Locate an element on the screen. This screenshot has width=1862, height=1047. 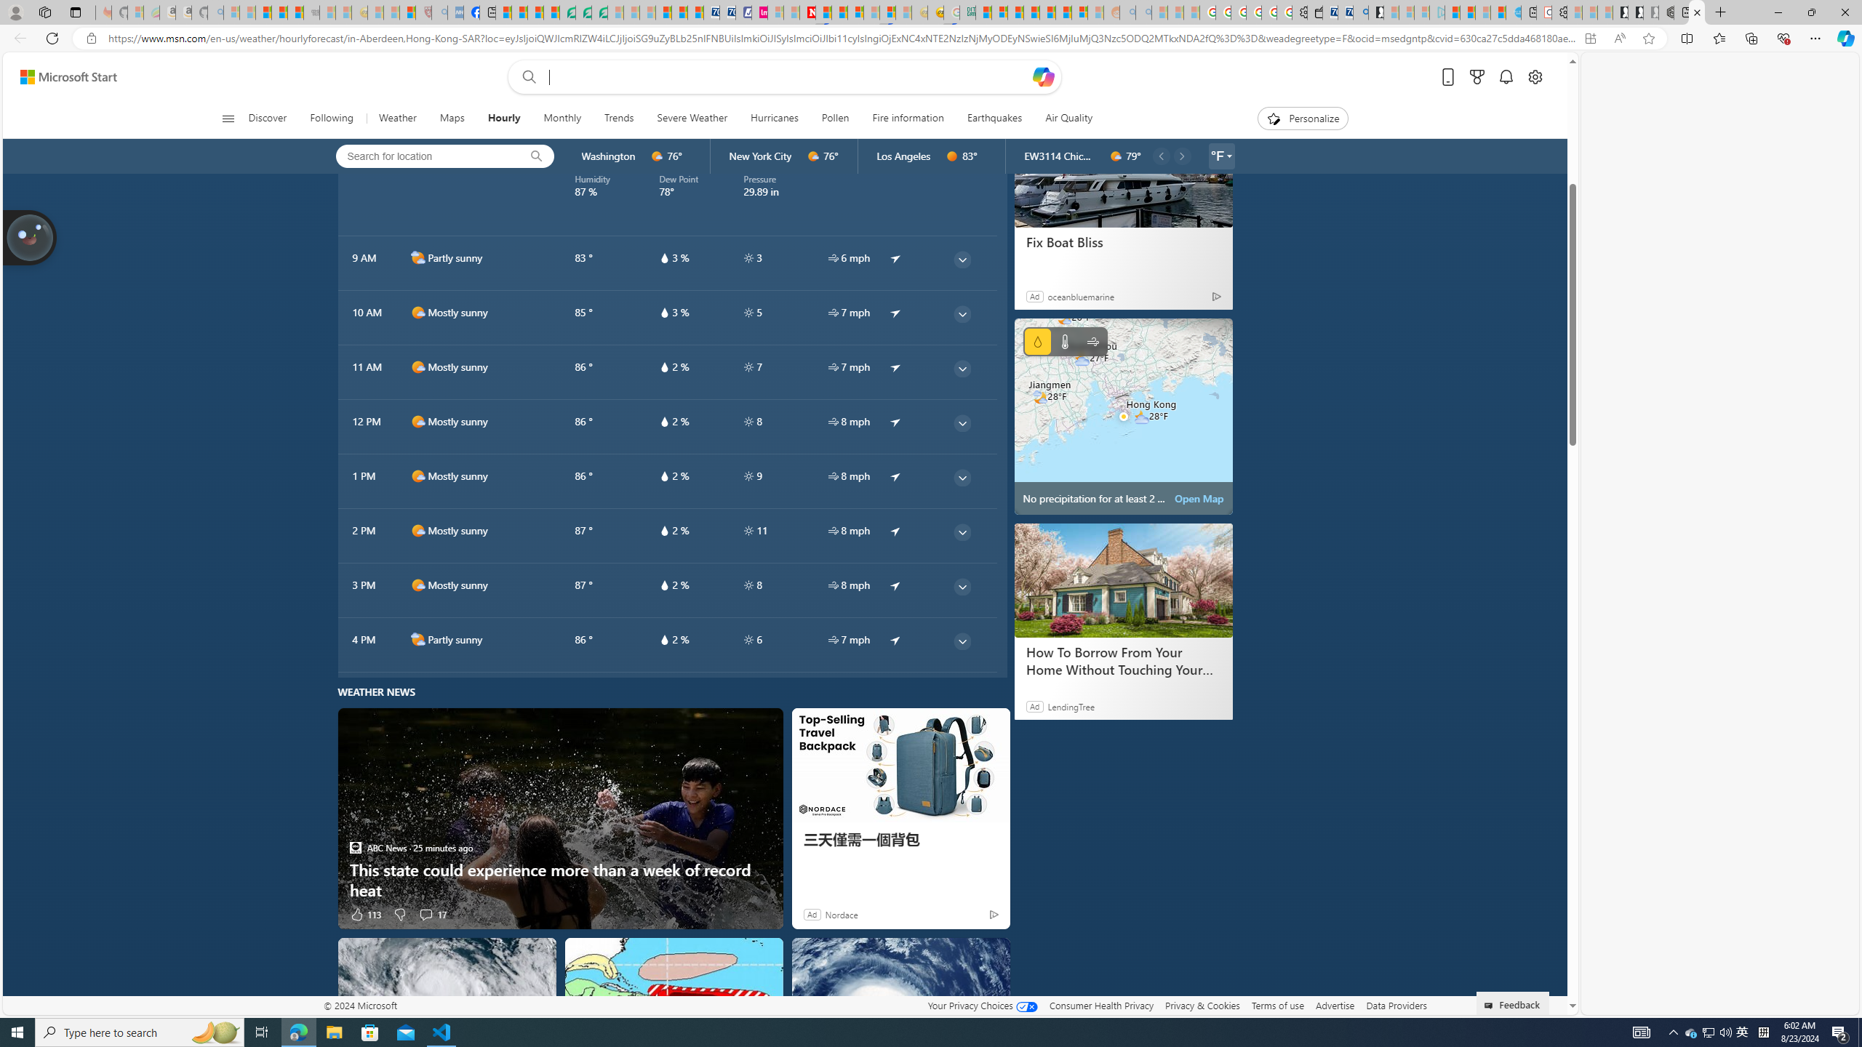
'Trends' is located at coordinates (619, 118).